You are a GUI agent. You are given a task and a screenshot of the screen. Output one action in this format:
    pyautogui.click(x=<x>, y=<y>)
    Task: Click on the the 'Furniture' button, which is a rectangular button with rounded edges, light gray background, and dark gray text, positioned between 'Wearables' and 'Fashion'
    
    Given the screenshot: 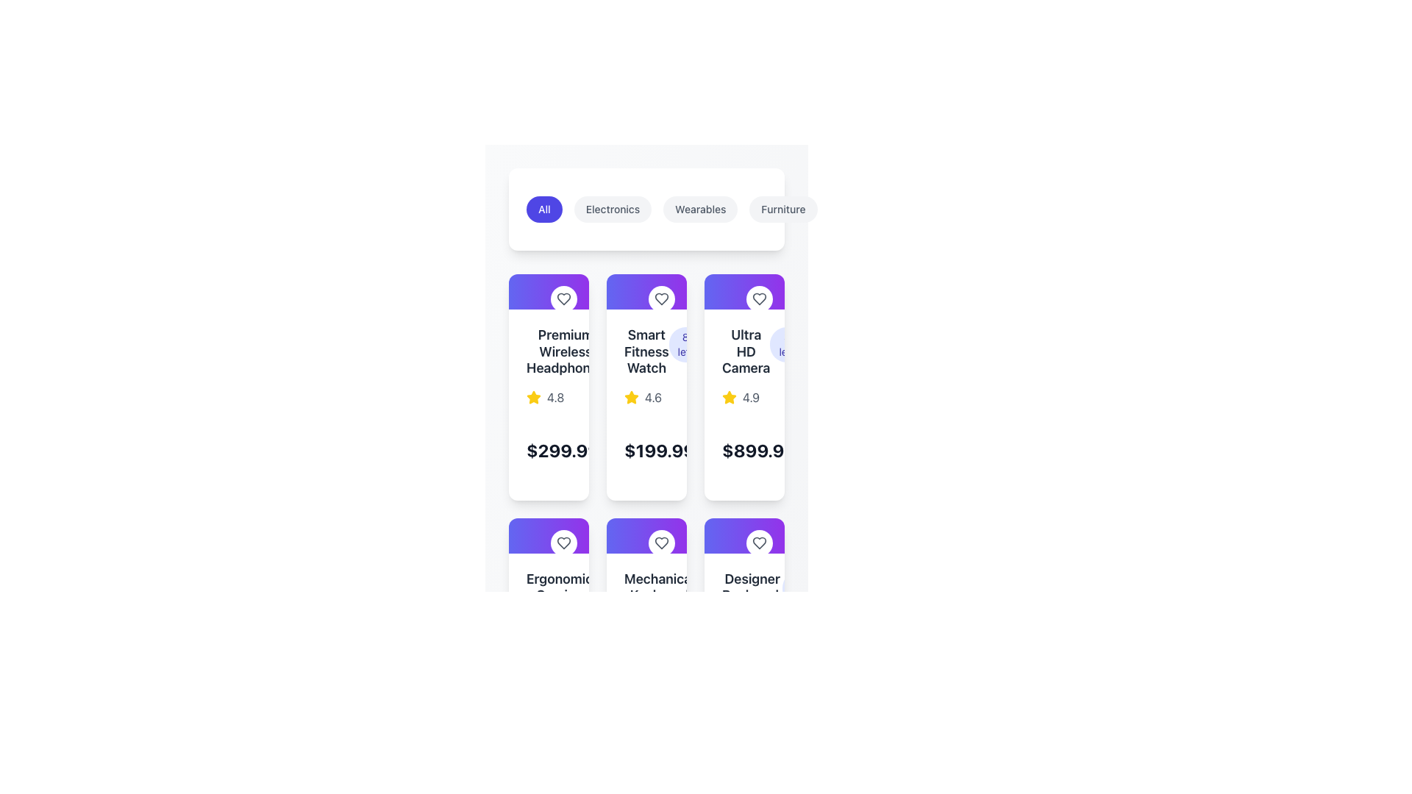 What is the action you would take?
    pyautogui.click(x=782, y=210)
    